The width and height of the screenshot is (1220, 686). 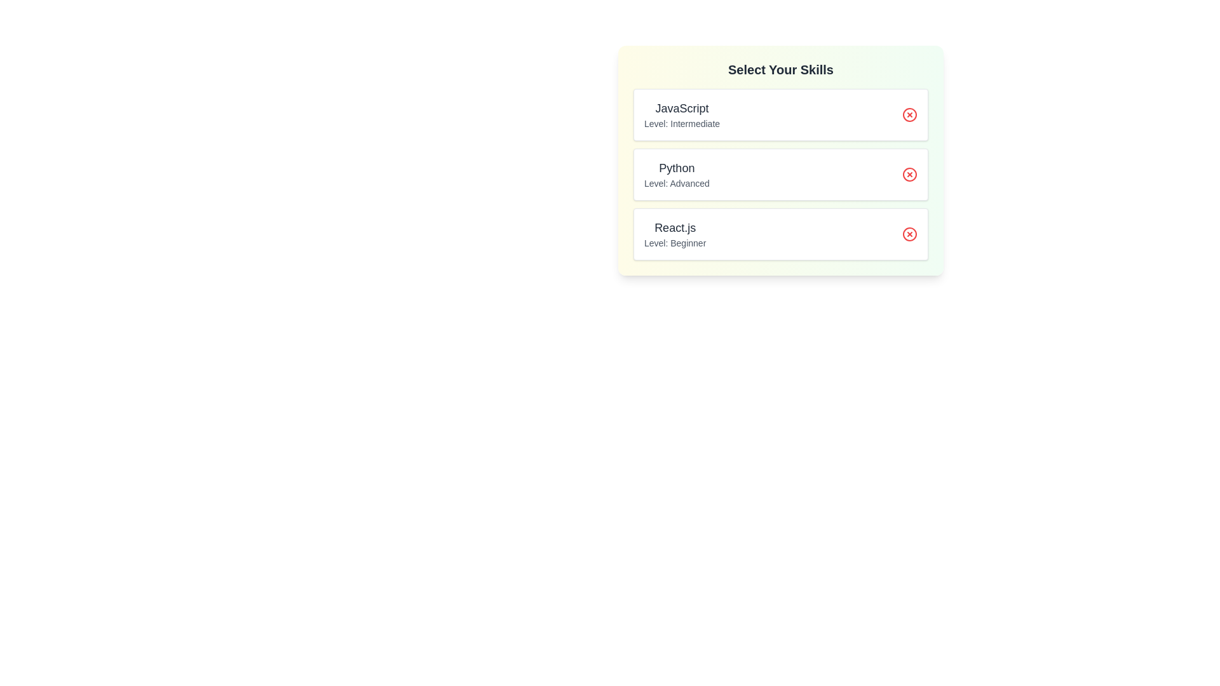 I want to click on remove button for the skill 'React.js', so click(x=909, y=234).